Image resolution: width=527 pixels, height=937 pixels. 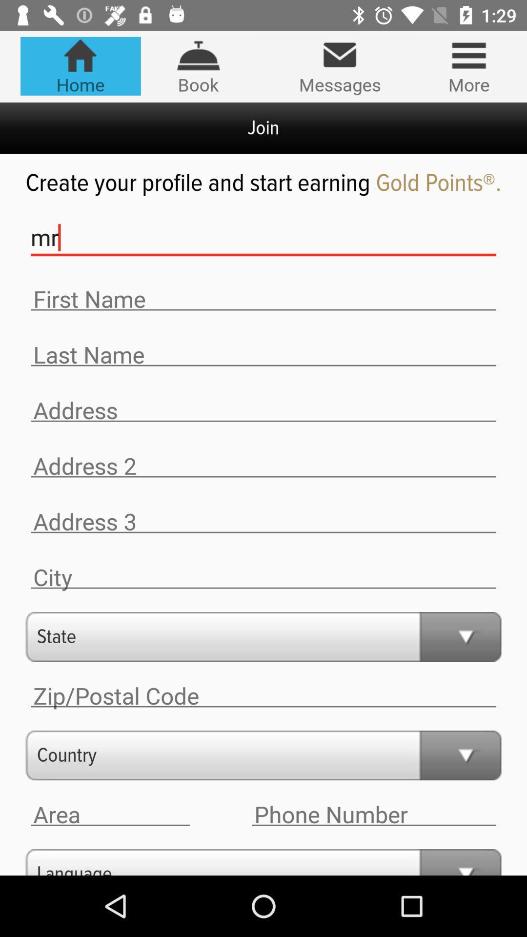 I want to click on nqme, so click(x=263, y=354).